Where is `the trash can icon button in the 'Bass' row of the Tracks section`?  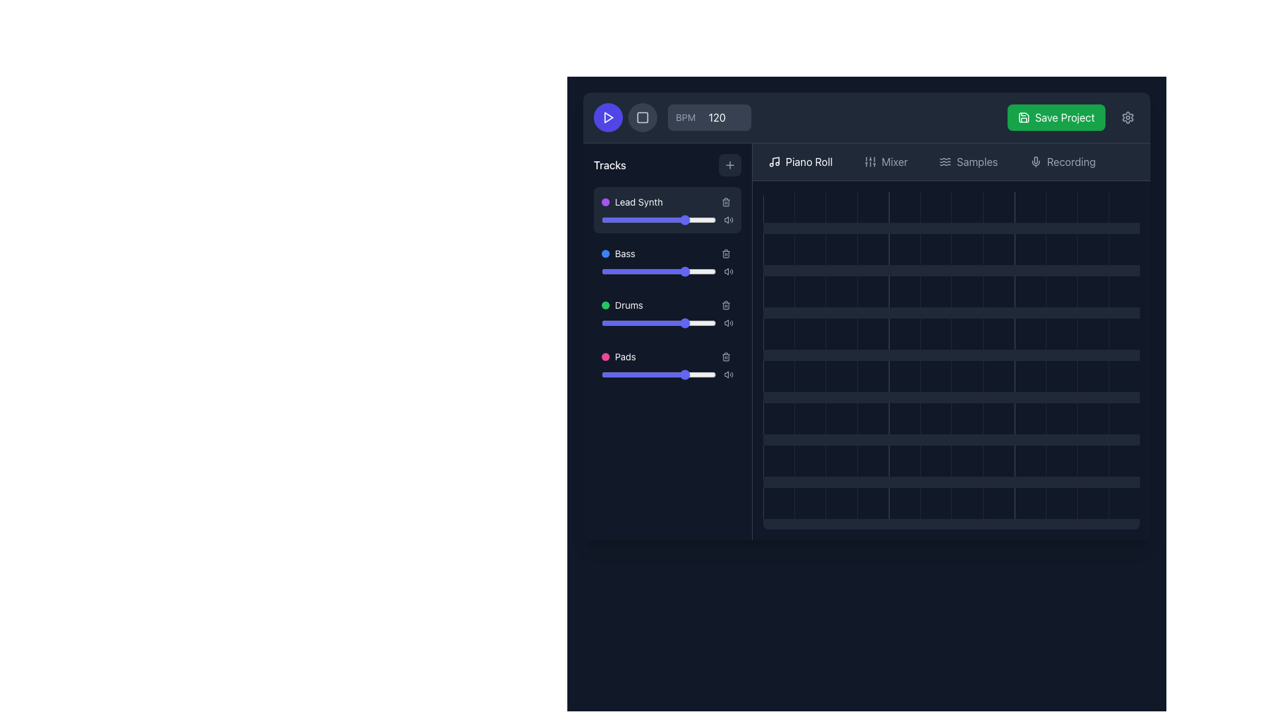 the trash can icon button in the 'Bass' row of the Tracks section is located at coordinates (726, 254).